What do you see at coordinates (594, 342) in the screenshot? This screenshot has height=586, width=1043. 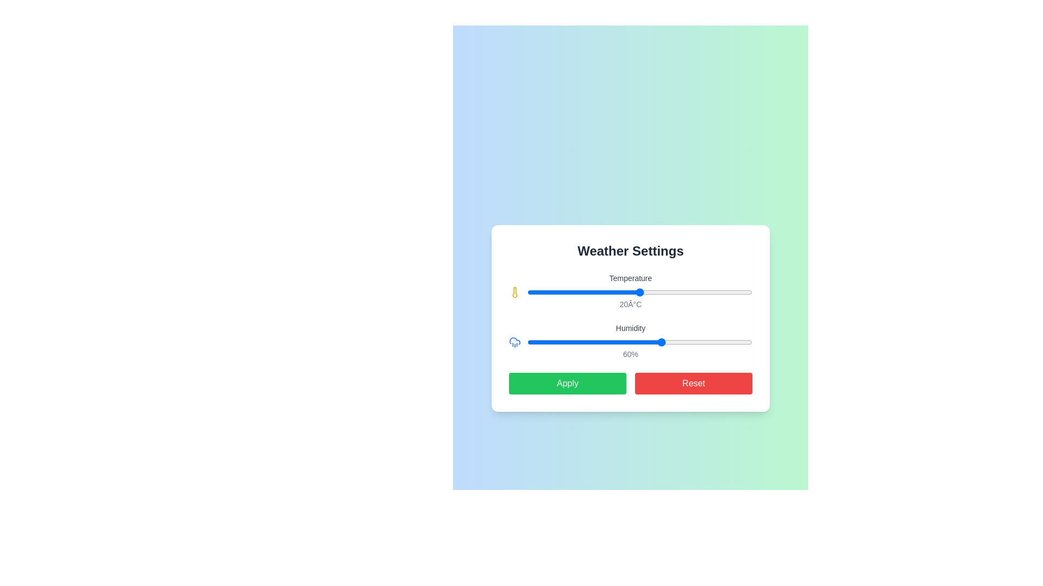 I see `the slider value` at bounding box center [594, 342].